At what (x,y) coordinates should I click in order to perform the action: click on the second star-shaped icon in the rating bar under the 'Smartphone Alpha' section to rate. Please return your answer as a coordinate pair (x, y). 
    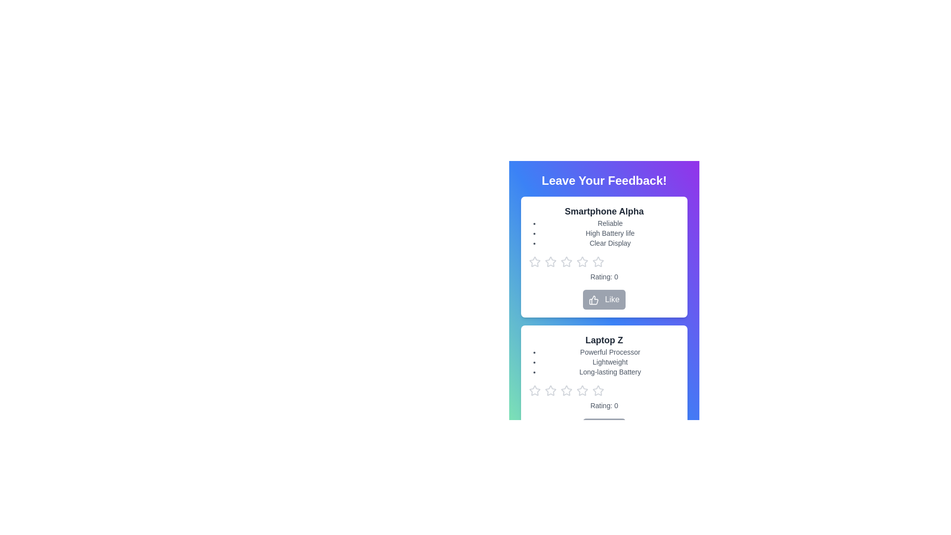
    Looking at the image, I should click on (566, 261).